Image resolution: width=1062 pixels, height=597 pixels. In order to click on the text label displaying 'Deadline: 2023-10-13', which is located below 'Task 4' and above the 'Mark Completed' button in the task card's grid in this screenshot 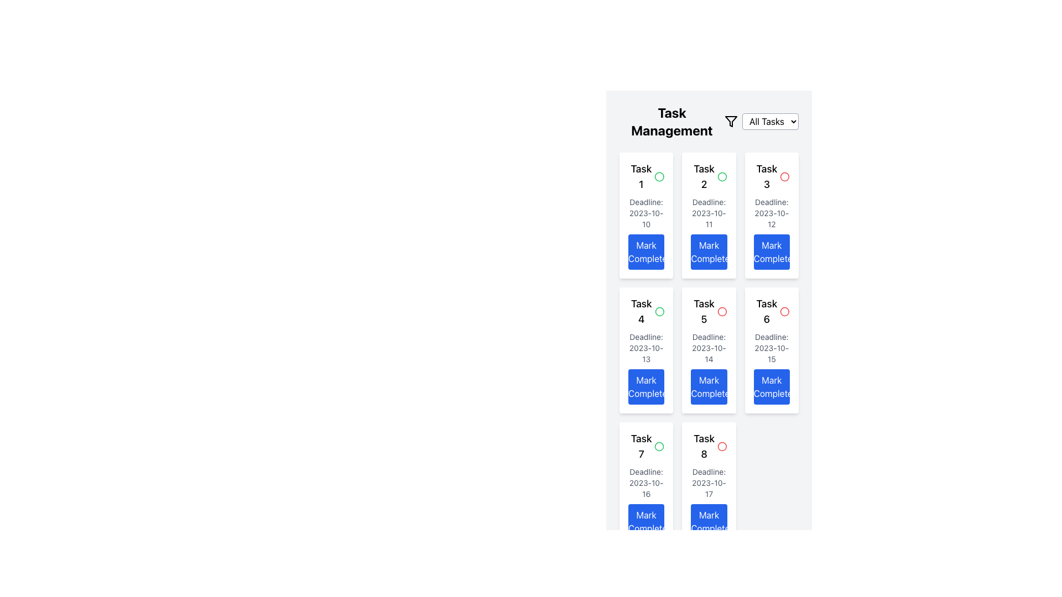, I will do `click(646, 347)`.